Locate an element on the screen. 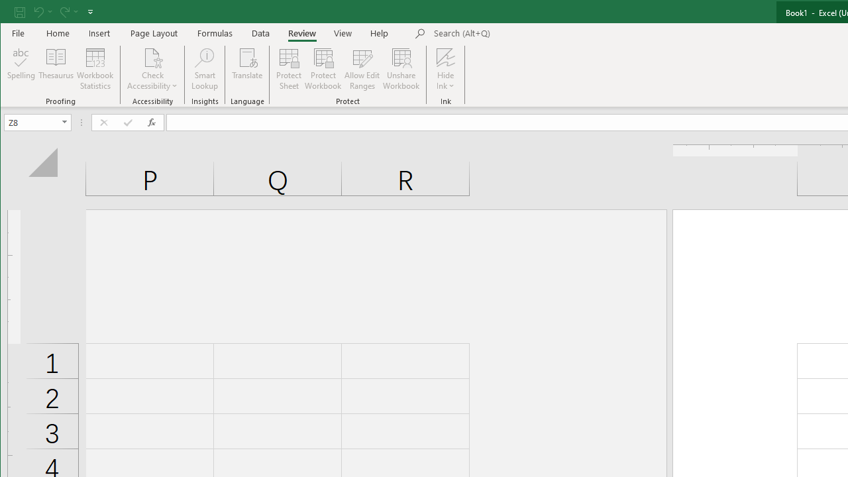  'Protect Sheet...' is located at coordinates (288, 69).